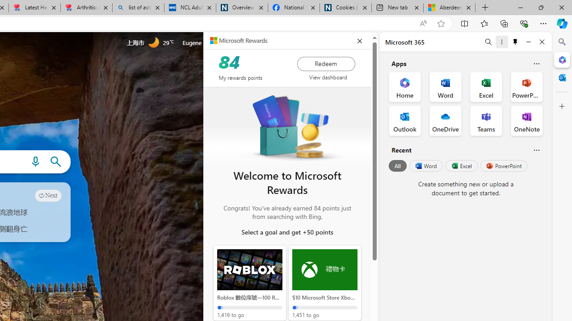 The image size is (572, 321). Describe the element at coordinates (360, 41) in the screenshot. I see `'closeEduPanel'` at that location.